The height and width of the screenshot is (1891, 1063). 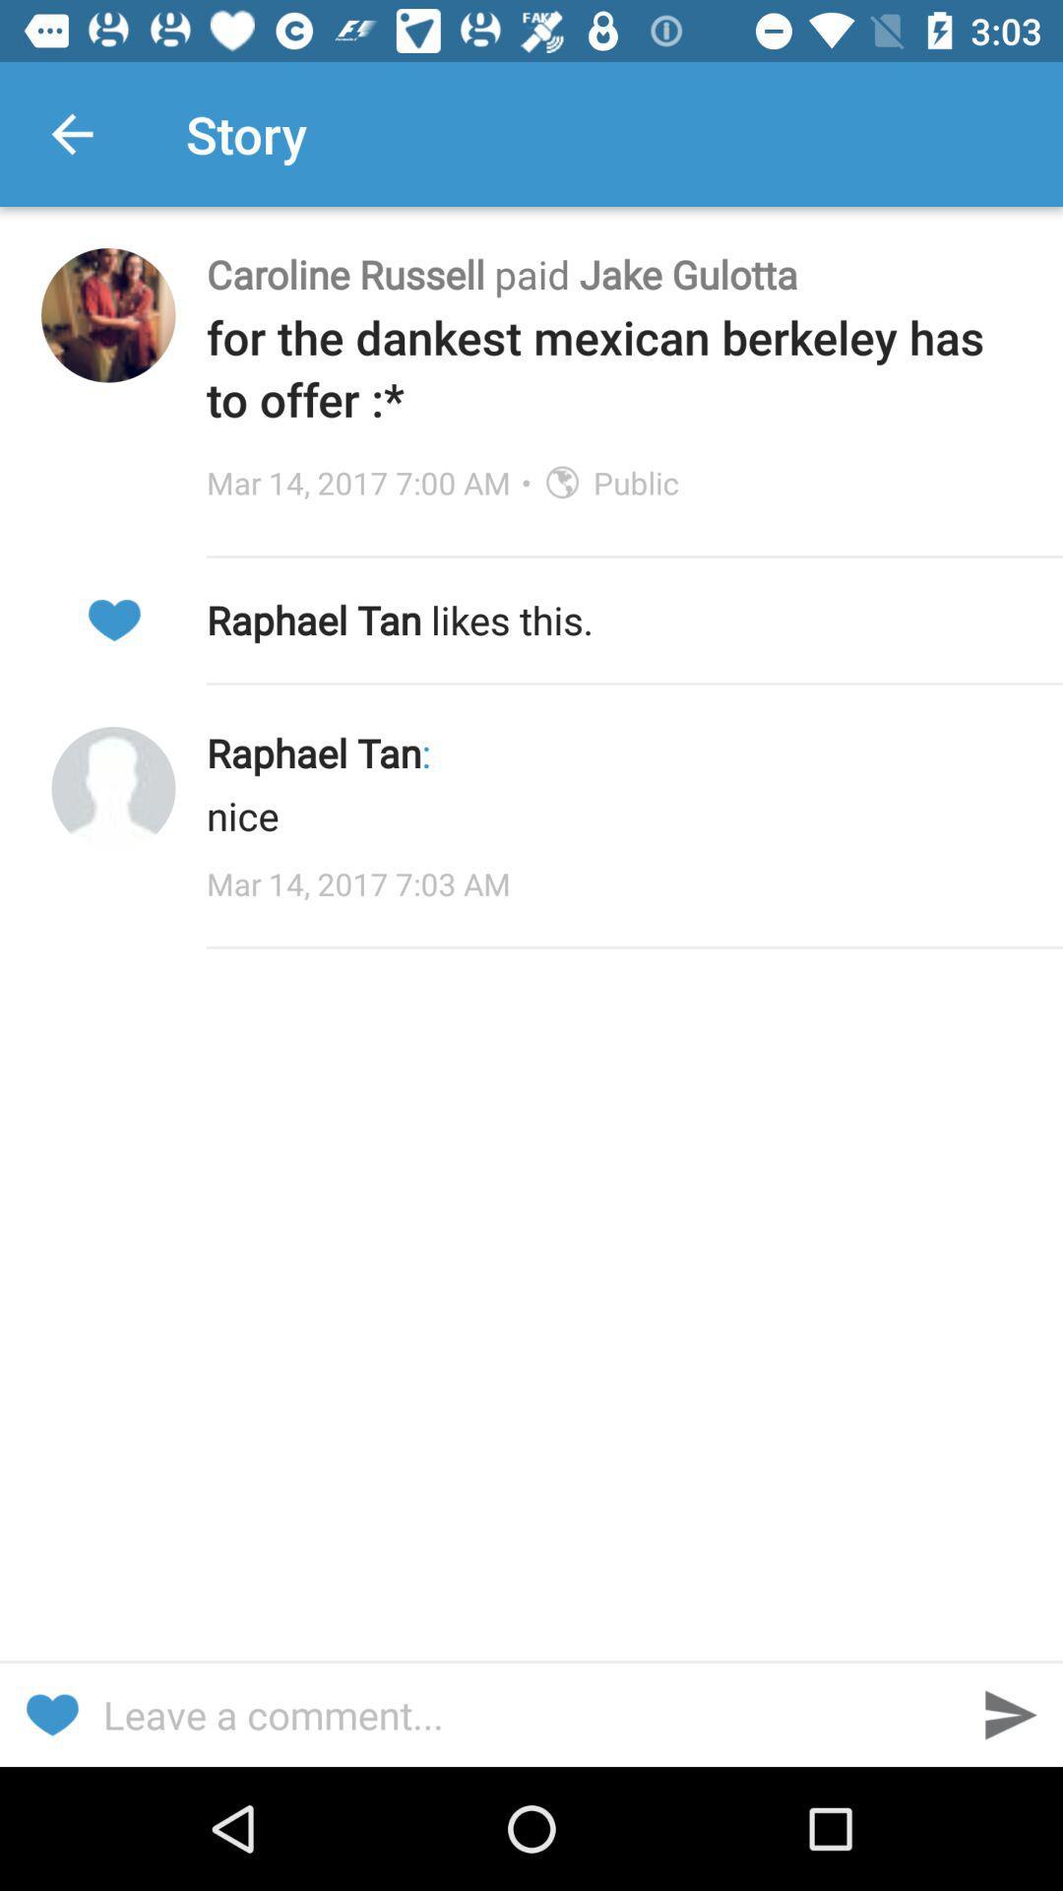 What do you see at coordinates (531, 1714) in the screenshot?
I see `leave a comment` at bounding box center [531, 1714].